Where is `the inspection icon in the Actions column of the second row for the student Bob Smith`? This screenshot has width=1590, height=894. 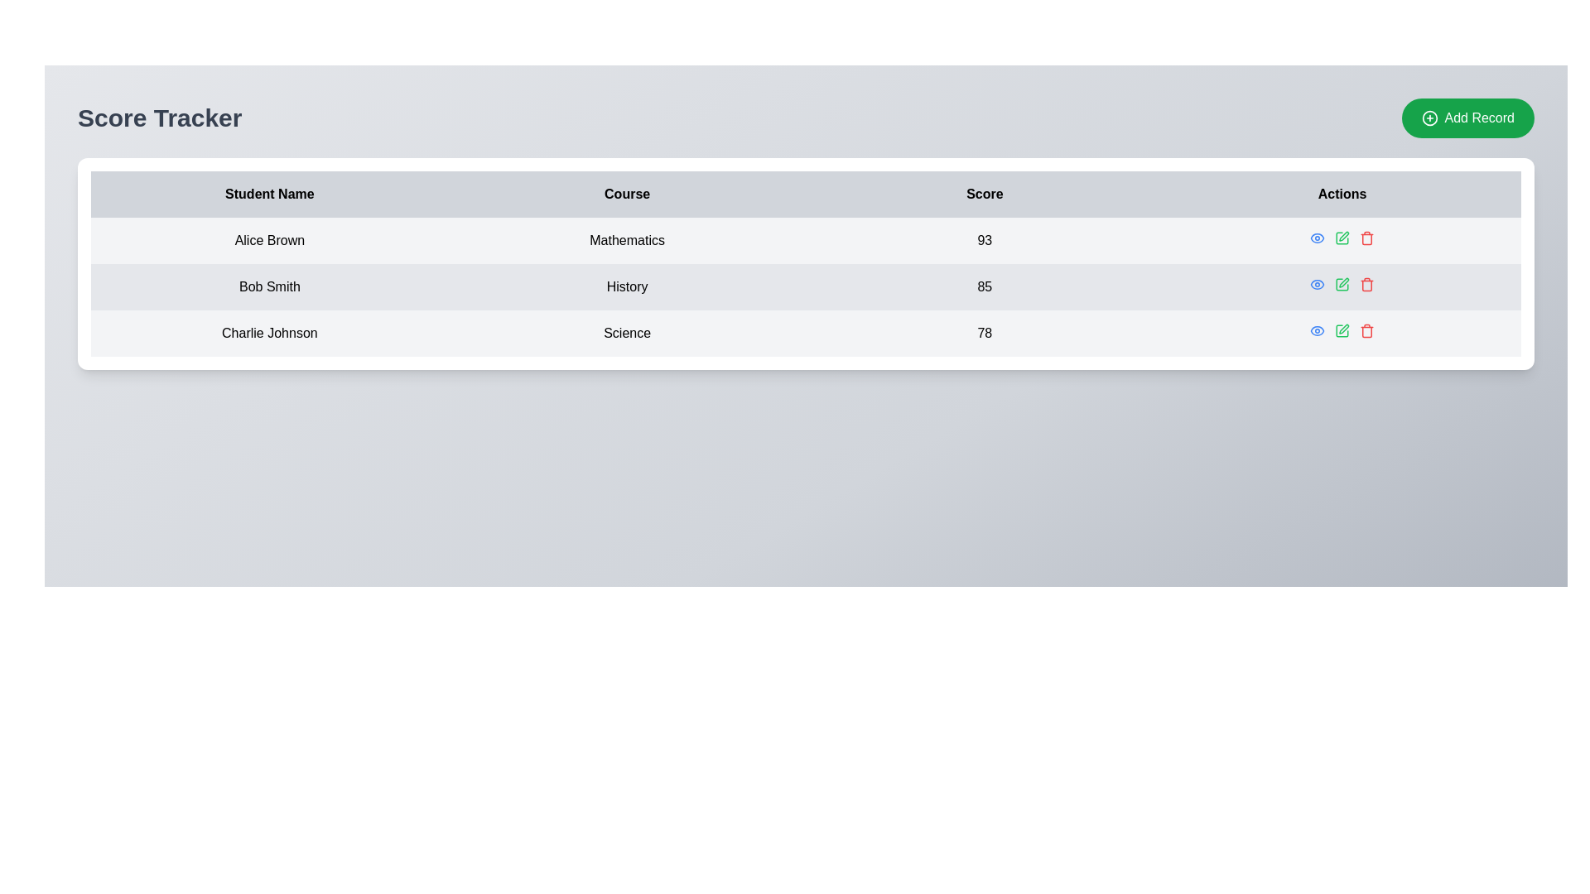 the inspection icon in the Actions column of the second row for the student Bob Smith is located at coordinates (1317, 238).